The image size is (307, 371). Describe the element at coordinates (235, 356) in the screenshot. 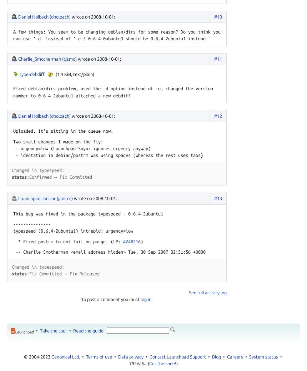

I see `'Careers'` at that location.